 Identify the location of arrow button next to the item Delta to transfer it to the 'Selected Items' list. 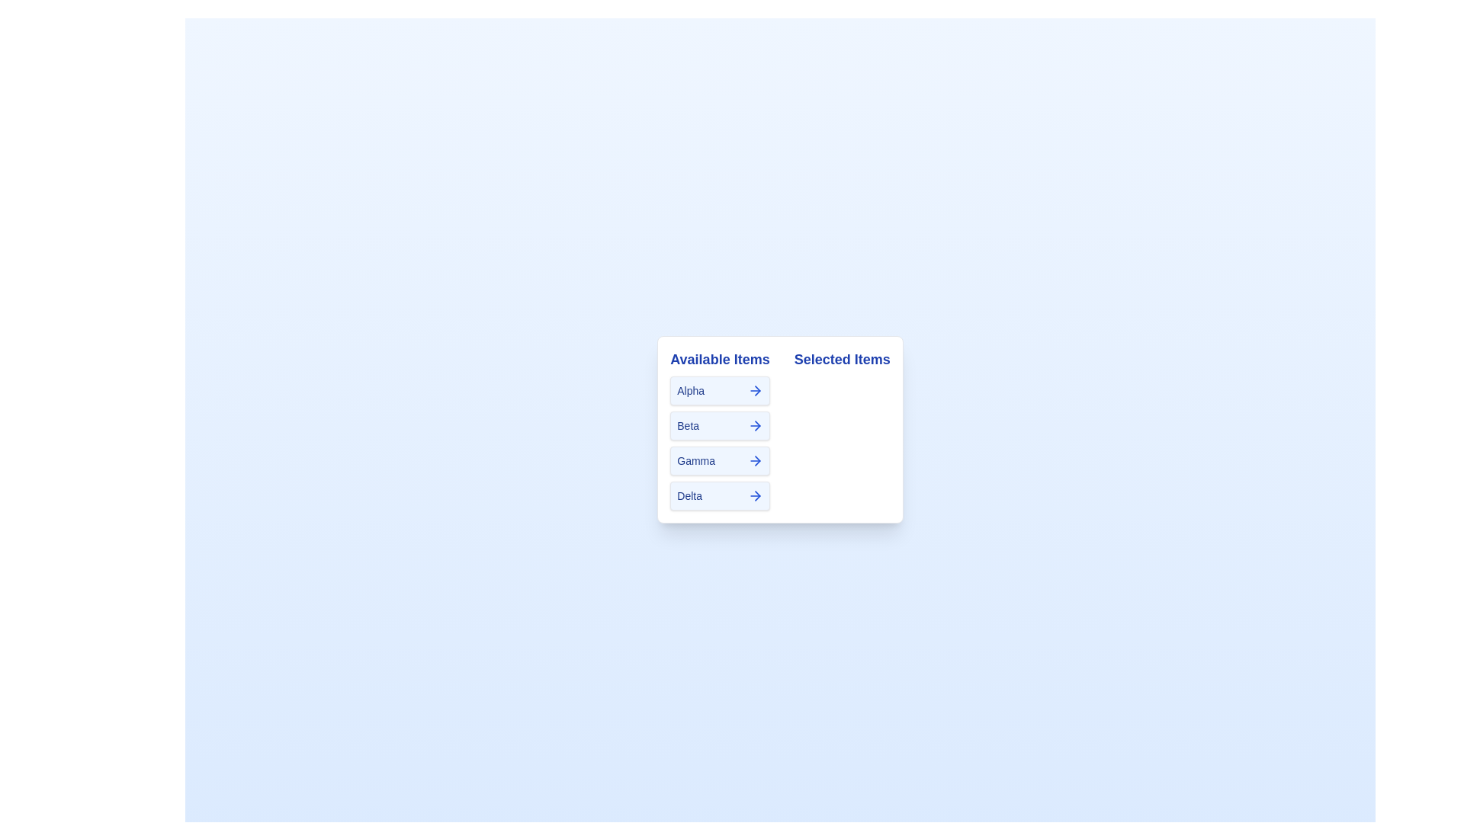
(755, 496).